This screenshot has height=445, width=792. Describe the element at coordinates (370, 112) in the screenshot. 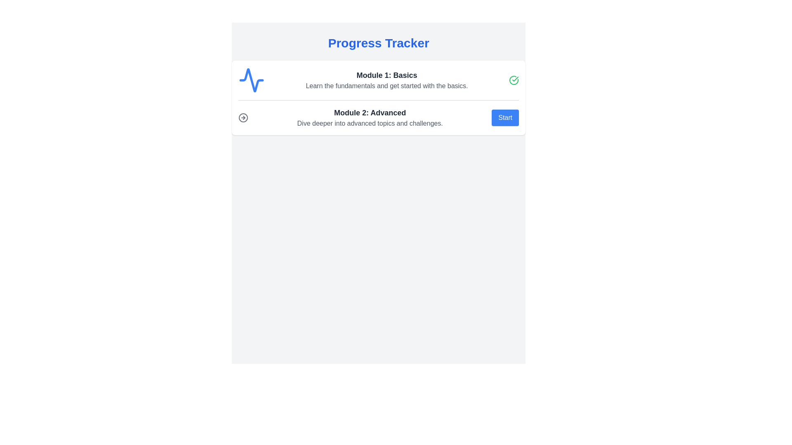

I see `the Text Header element that displays 'Module 2: Advanced', which is styled in bold and located prominently within the second module section of the Progress Tracker interface` at that location.